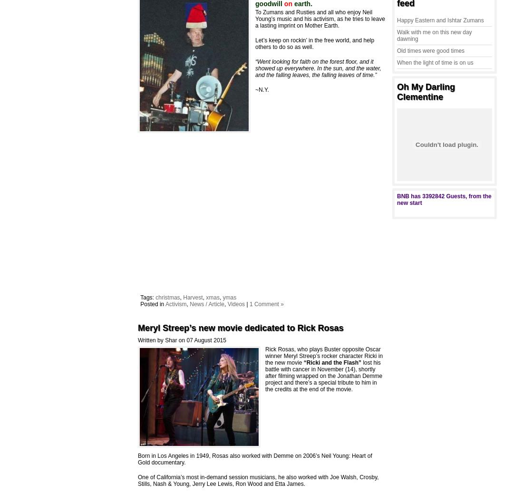  What do you see at coordinates (258, 480) in the screenshot?
I see `'One of California’s most in-demand session musicians, he also worked with Joe Walsh, Crosby, Stills, Nash & Young, Jerry Lee Lewis, Ron Wood and Etta James.'` at bounding box center [258, 480].